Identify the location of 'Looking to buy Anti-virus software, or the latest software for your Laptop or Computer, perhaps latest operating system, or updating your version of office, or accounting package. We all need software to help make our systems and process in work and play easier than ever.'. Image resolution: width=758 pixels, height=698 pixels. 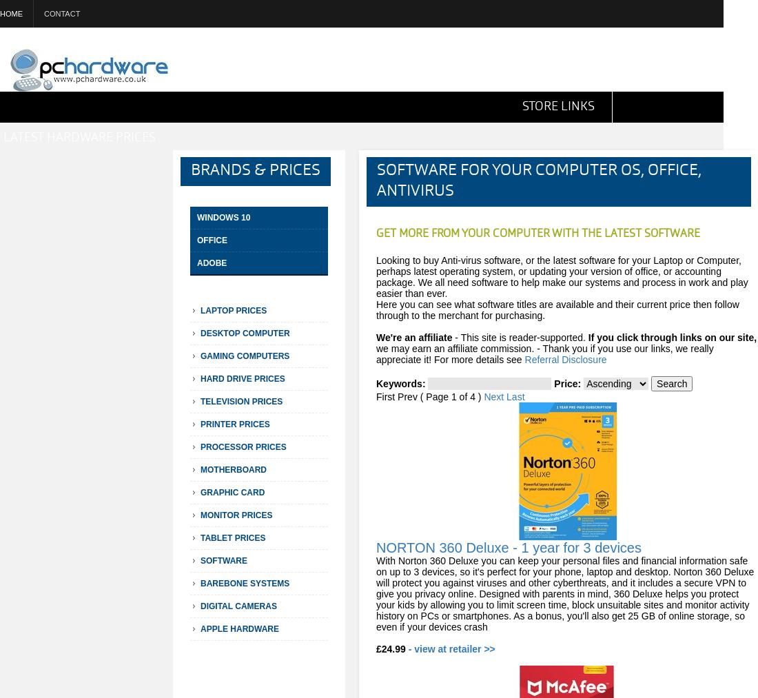
(562, 276).